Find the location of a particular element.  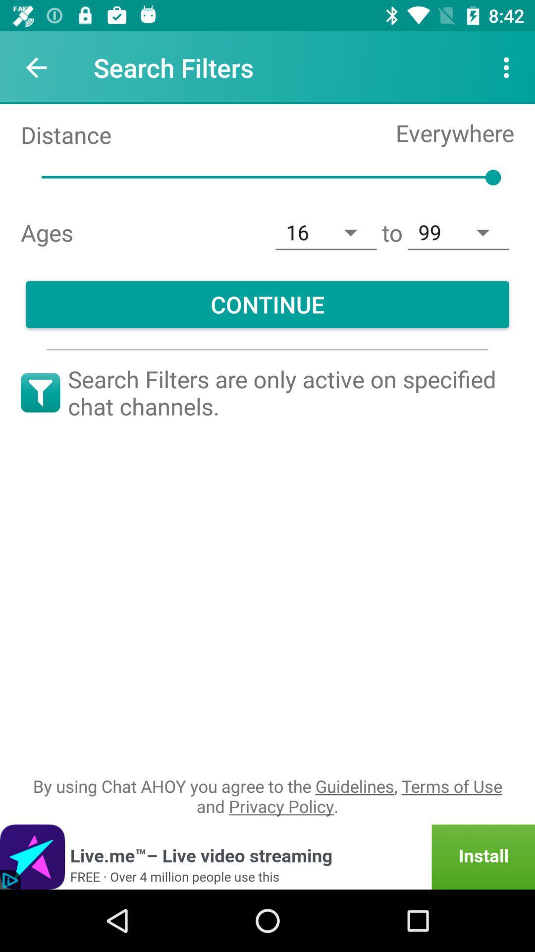

the icon next to the search filters icon is located at coordinates (509, 67).